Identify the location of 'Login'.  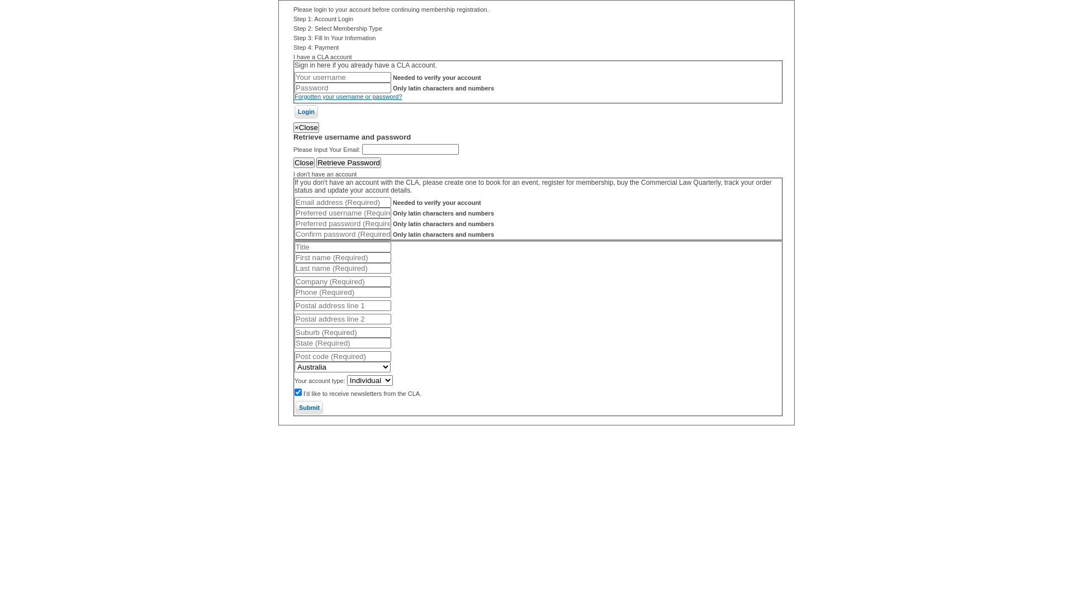
(306, 112).